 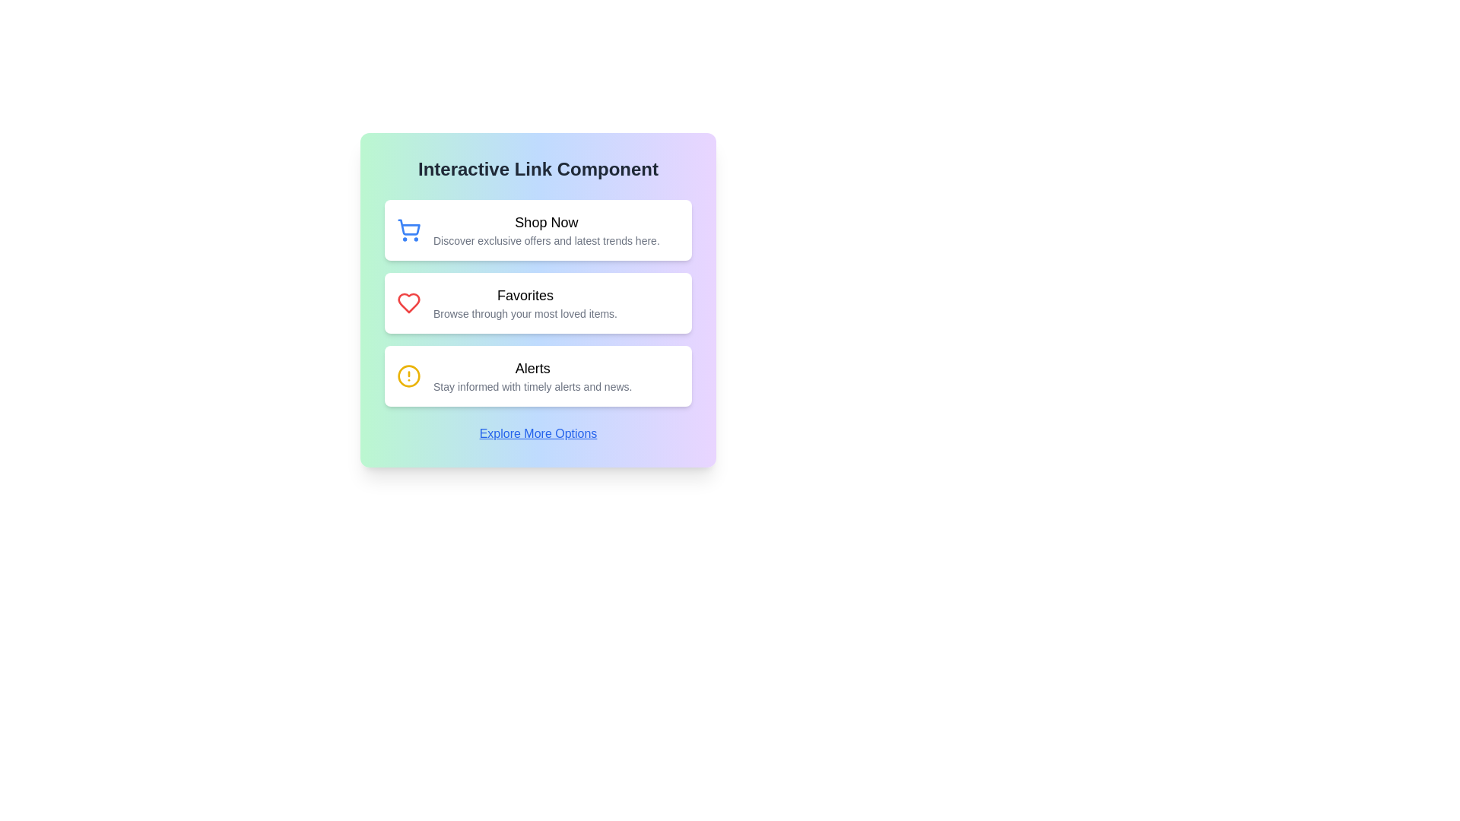 I want to click on the text label that reads 'Stay informed with timely alerts and news.' located in the lower section of the 'Alerts' card, under the title 'Alerts', so click(x=532, y=386).